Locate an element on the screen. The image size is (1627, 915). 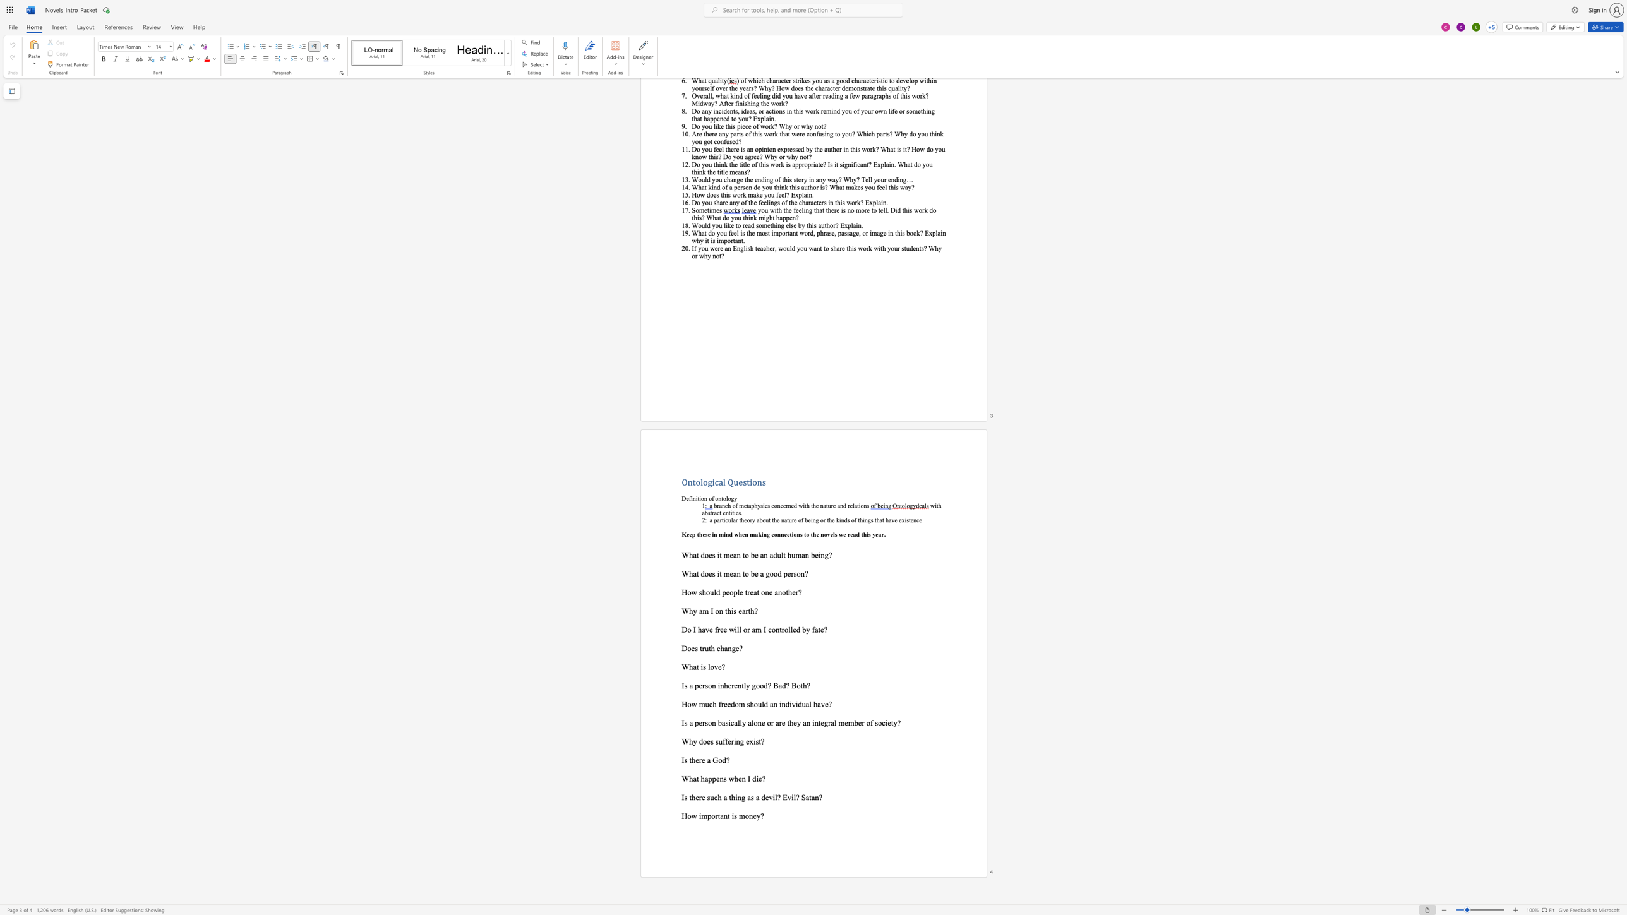
the 1th character "s" in the text is located at coordinates (685, 798).